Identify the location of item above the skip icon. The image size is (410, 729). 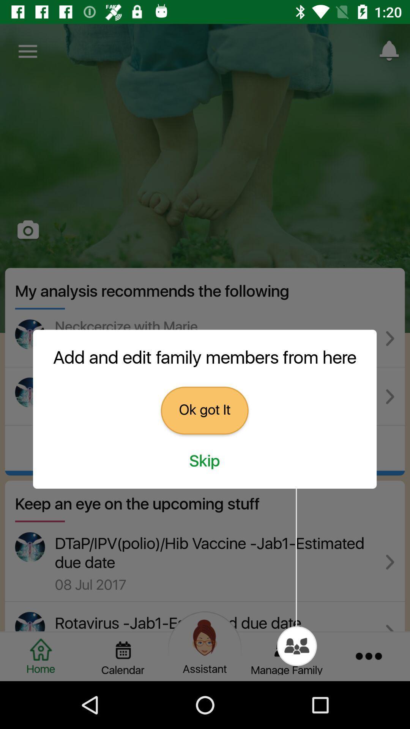
(204, 410).